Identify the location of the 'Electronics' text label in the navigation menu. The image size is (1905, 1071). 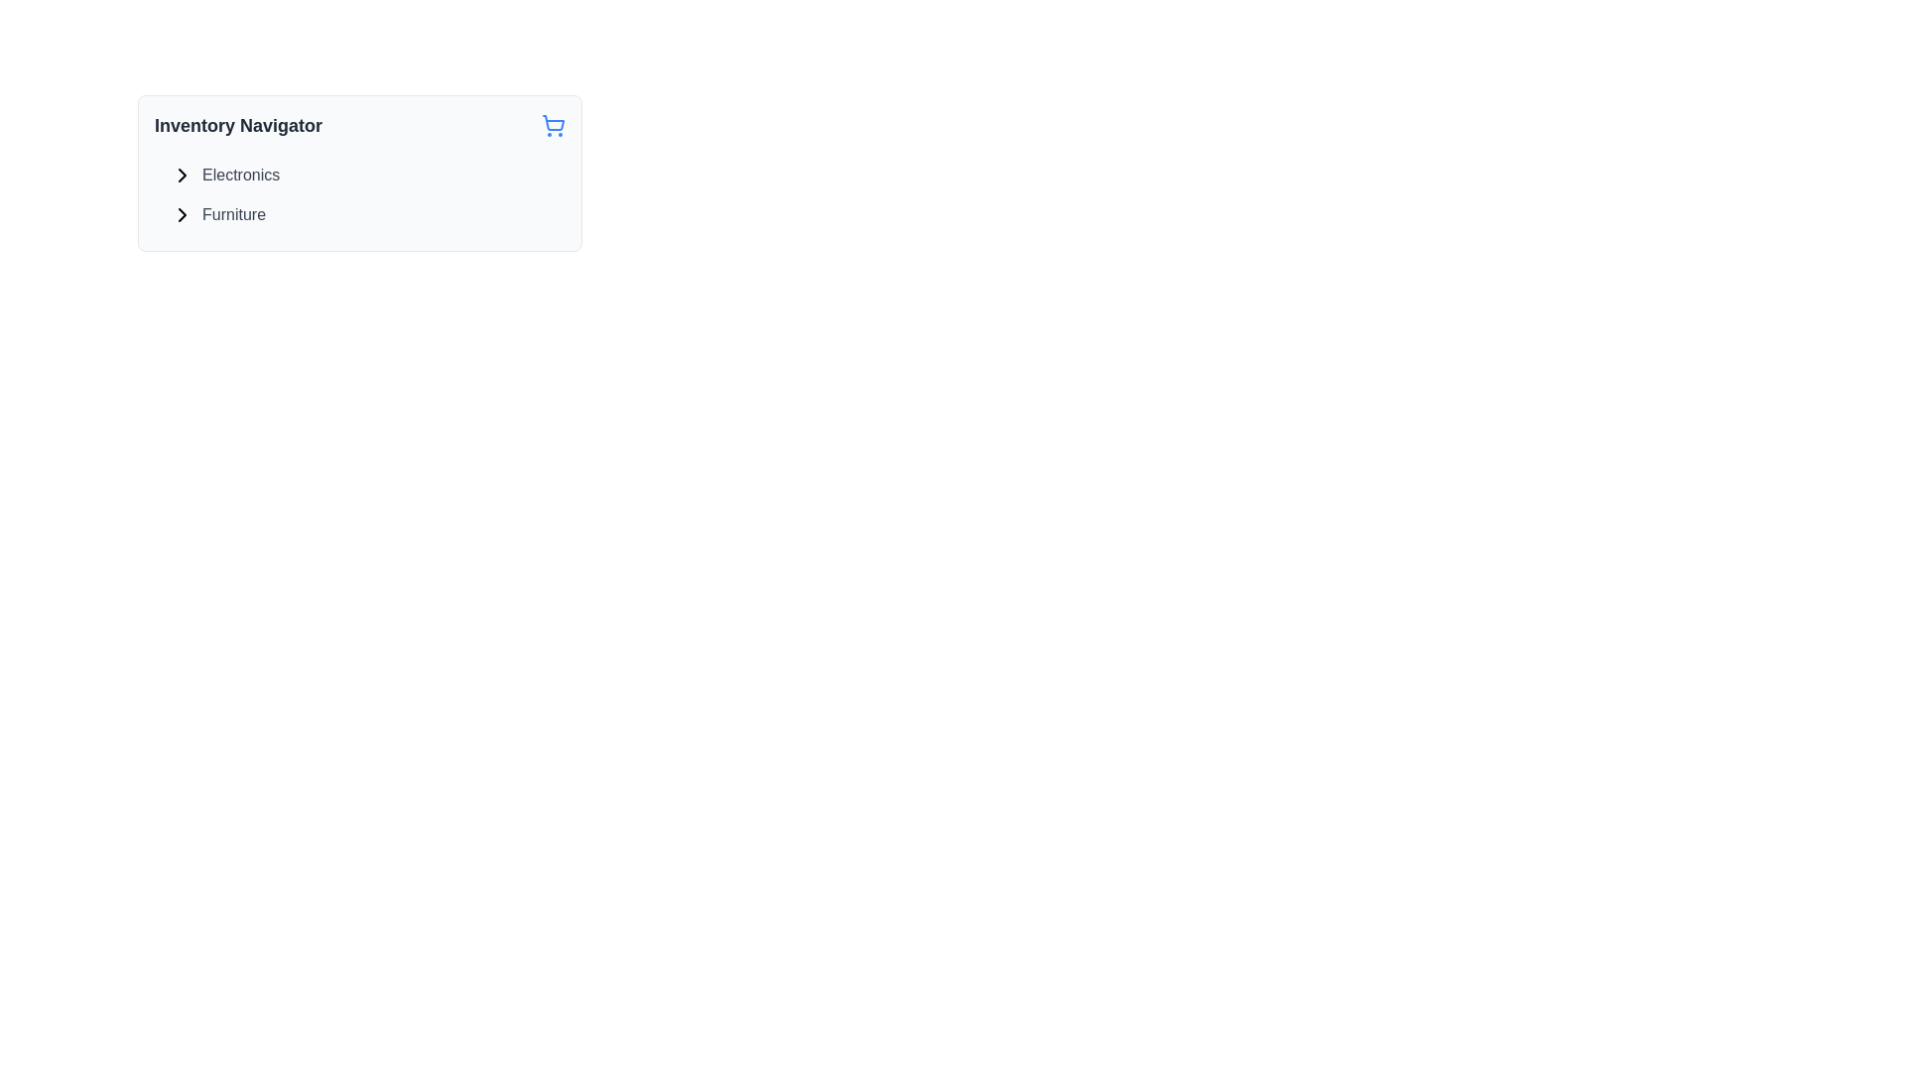
(240, 175).